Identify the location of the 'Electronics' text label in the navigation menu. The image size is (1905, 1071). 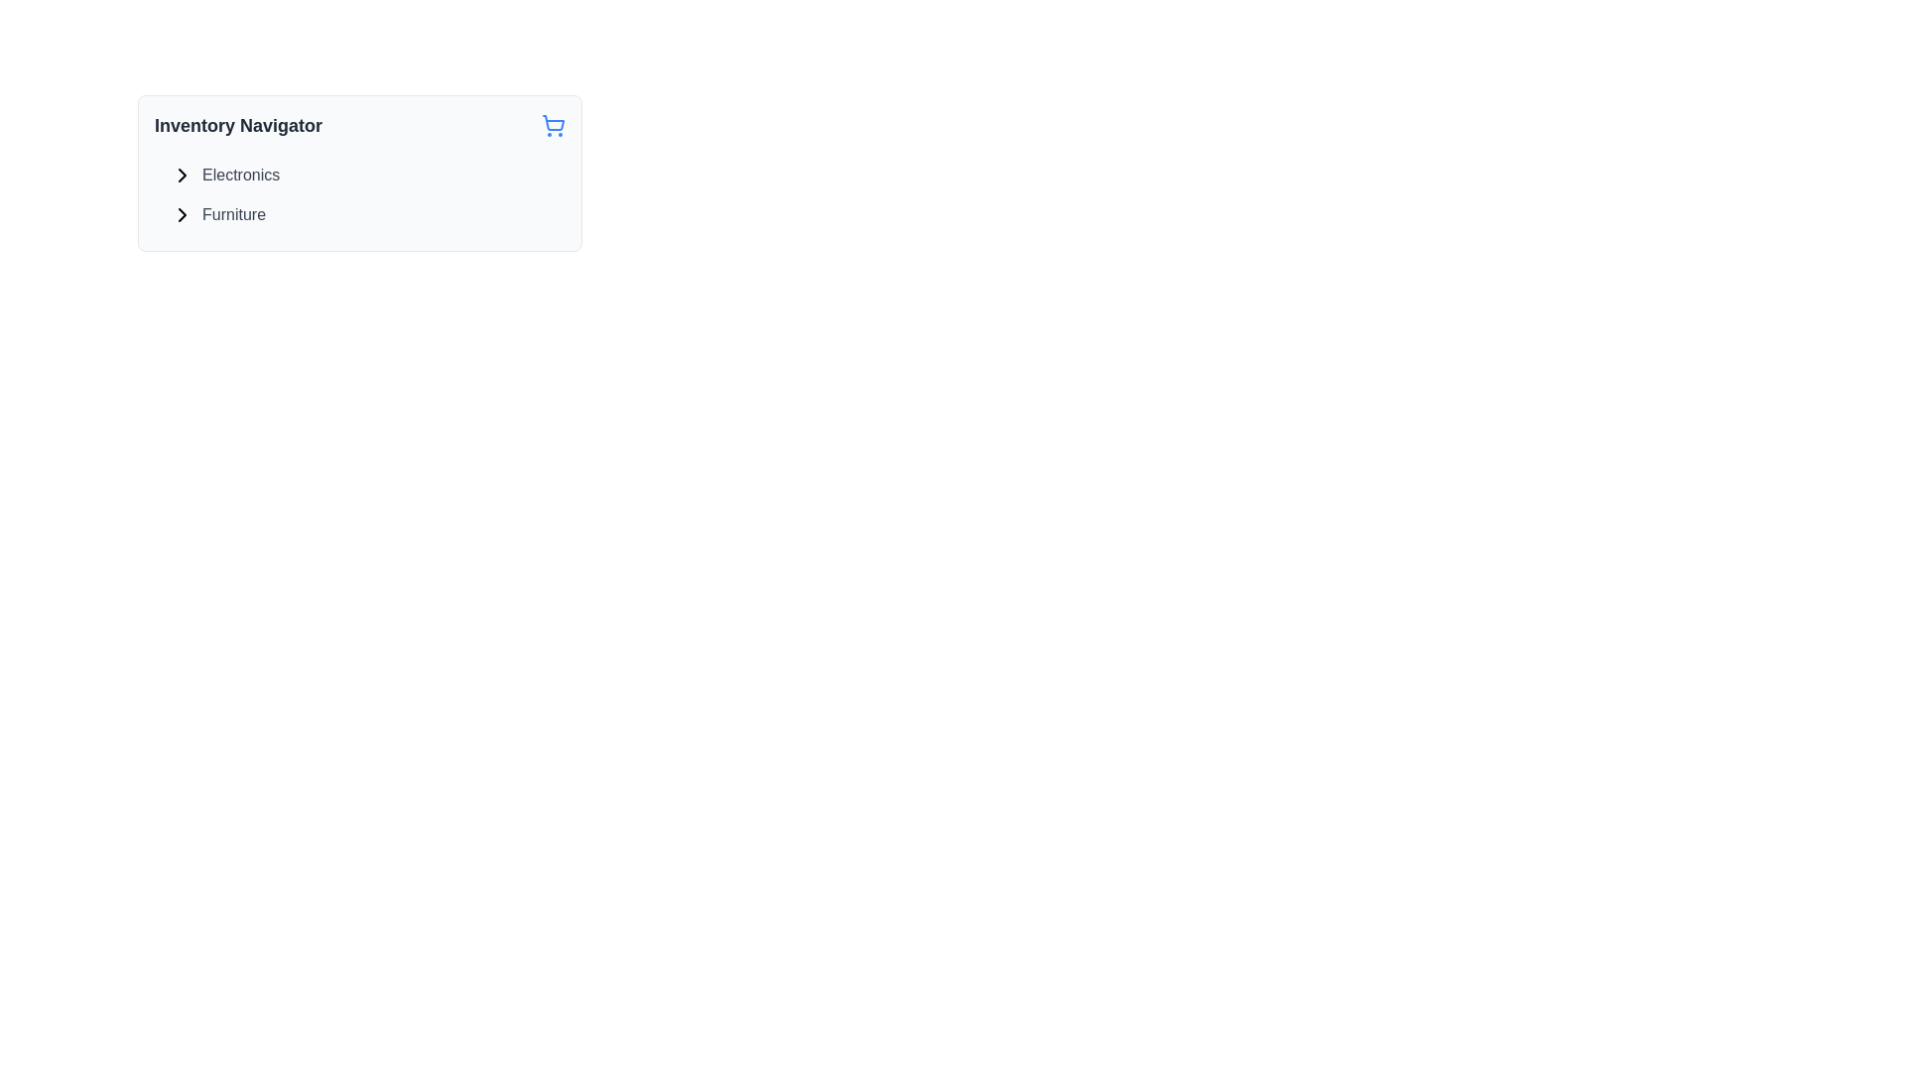
(240, 175).